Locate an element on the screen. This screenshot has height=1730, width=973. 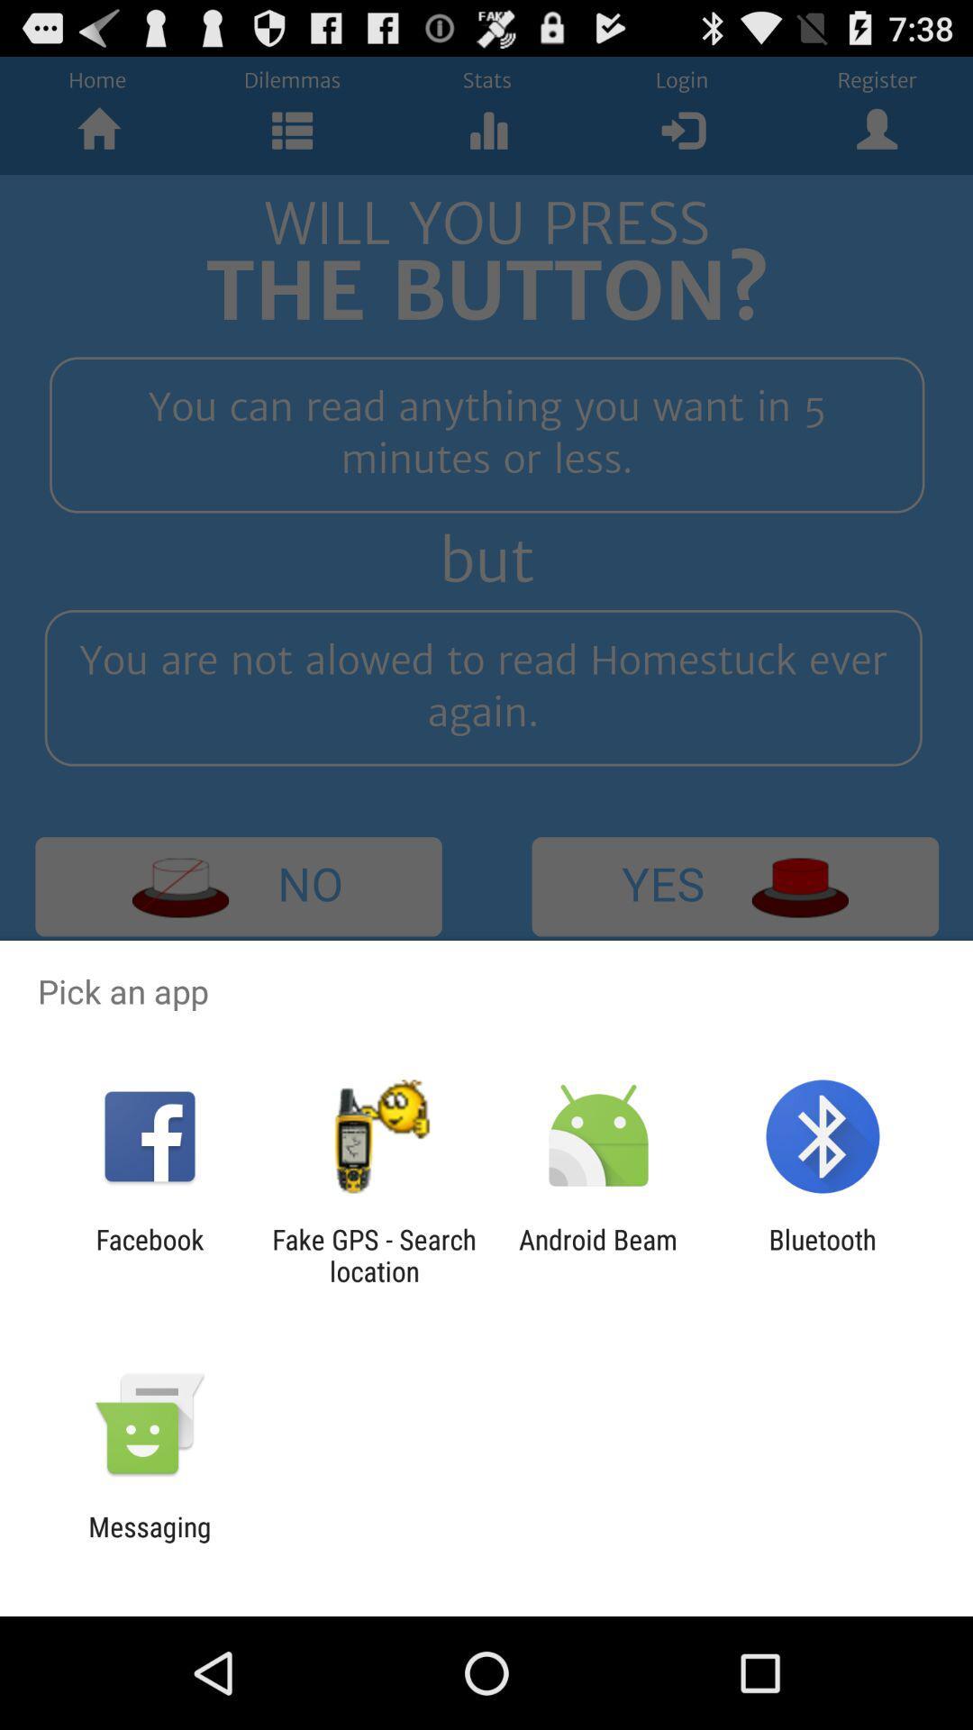
the app next to facebook is located at coordinates (373, 1254).